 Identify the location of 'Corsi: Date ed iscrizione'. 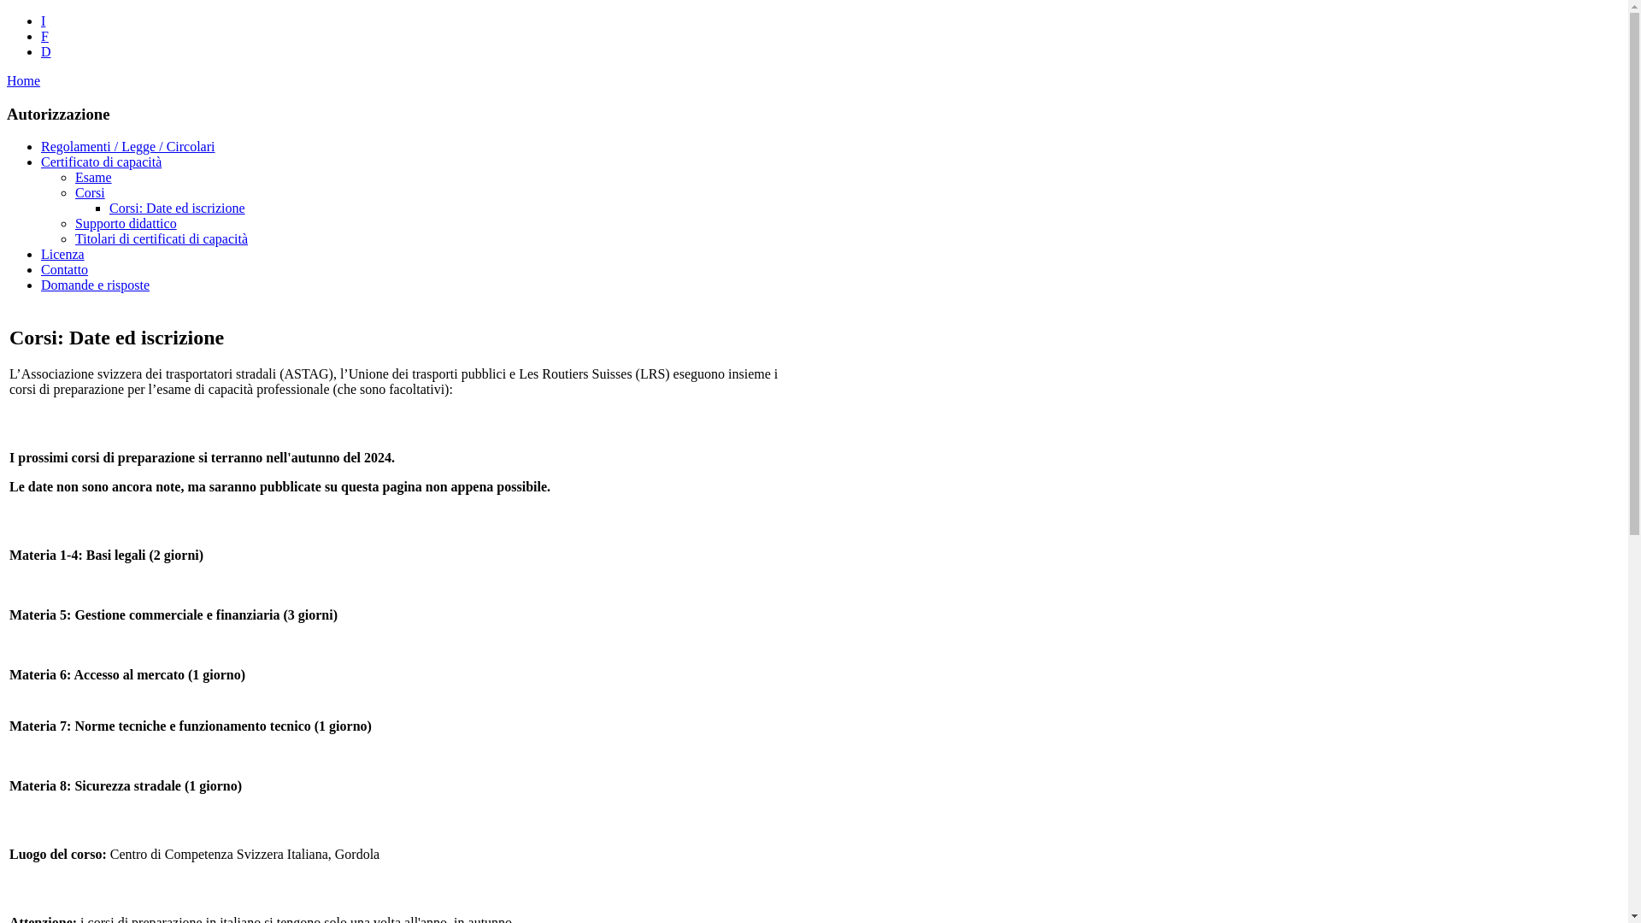
(177, 207).